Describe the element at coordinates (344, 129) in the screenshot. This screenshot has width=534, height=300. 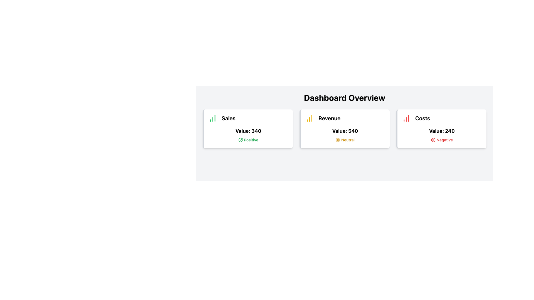
I see `the displayed information on the 'Revenue' Information card, which is the second card in a three-column grid layout, positioned between the 'Sales' and 'Costs' cards` at that location.